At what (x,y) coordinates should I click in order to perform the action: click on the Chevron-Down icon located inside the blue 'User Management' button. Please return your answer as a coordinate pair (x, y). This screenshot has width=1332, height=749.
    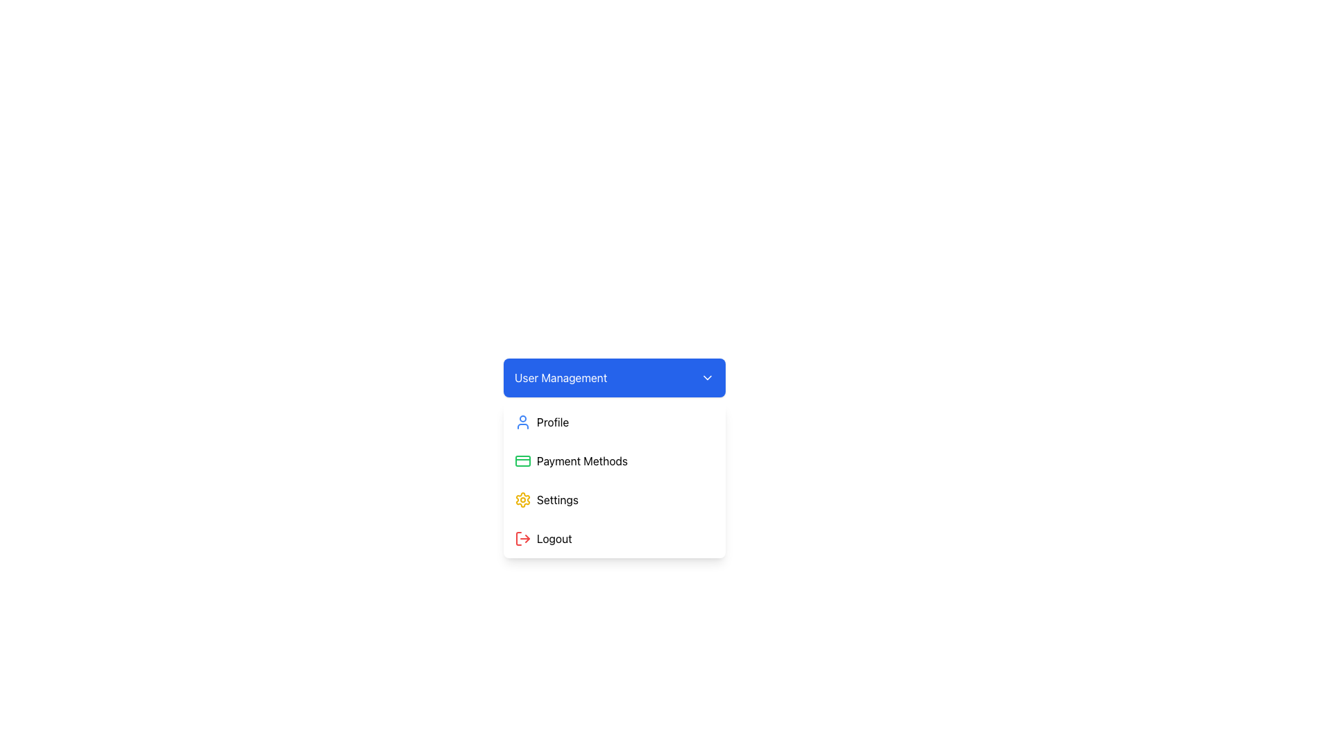
    Looking at the image, I should click on (707, 377).